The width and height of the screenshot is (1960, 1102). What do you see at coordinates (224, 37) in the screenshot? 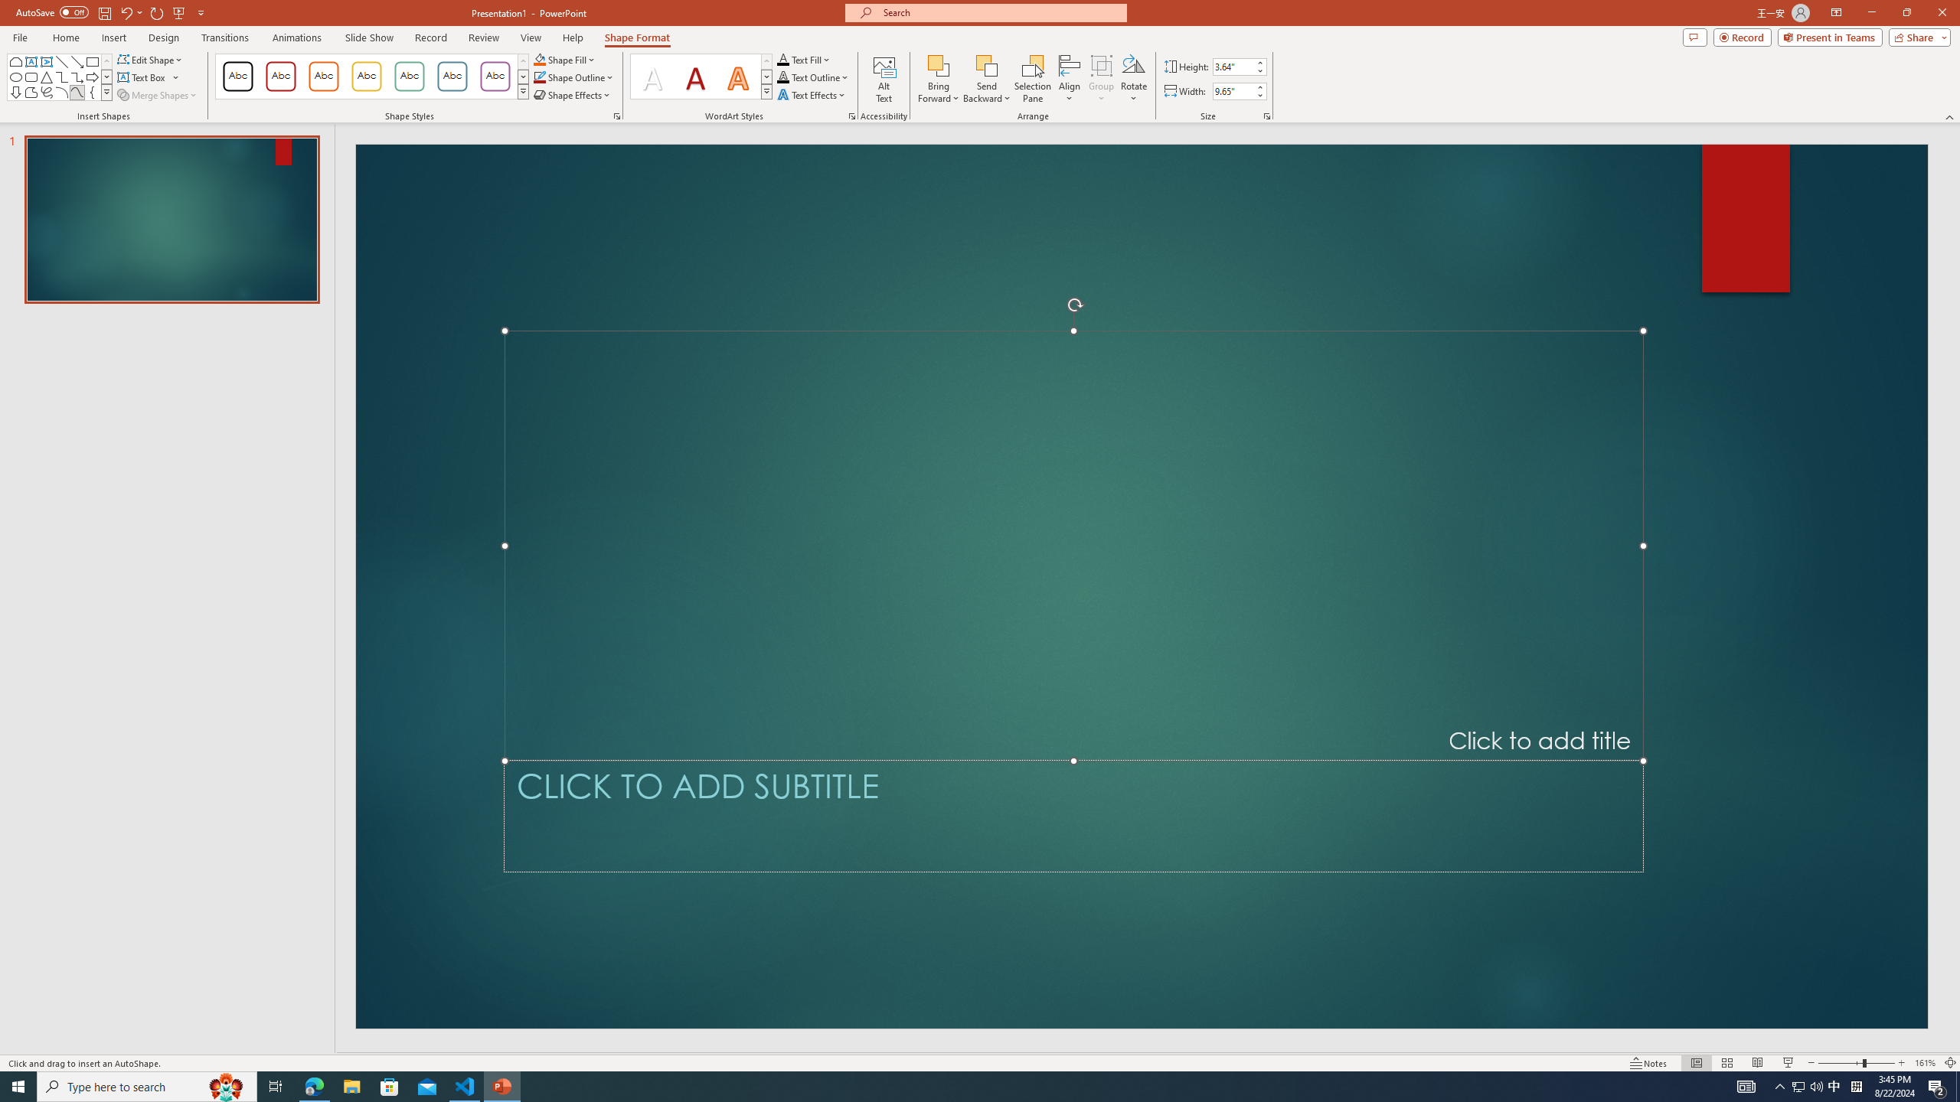
I see `'Transitions'` at bounding box center [224, 37].